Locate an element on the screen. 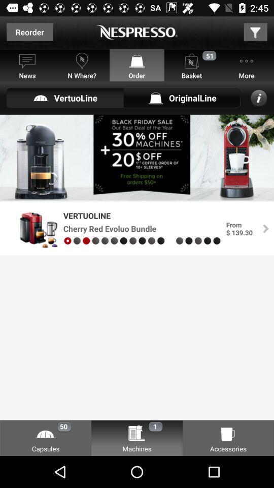 The width and height of the screenshot is (274, 488). the filter icon is located at coordinates (255, 32).